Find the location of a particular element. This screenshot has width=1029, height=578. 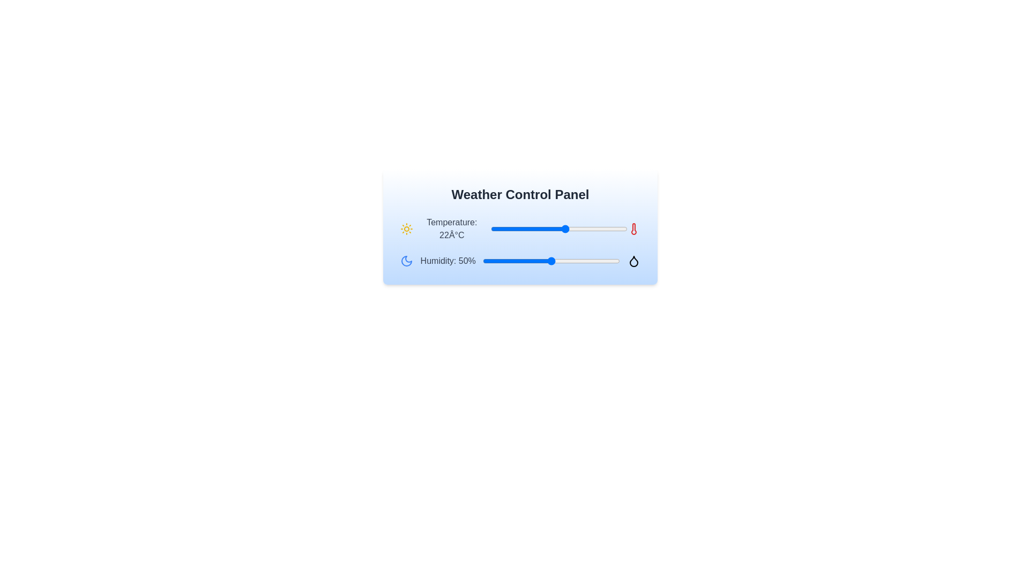

the temperature slider to set the temperature to 36°C is located at coordinates (614, 229).